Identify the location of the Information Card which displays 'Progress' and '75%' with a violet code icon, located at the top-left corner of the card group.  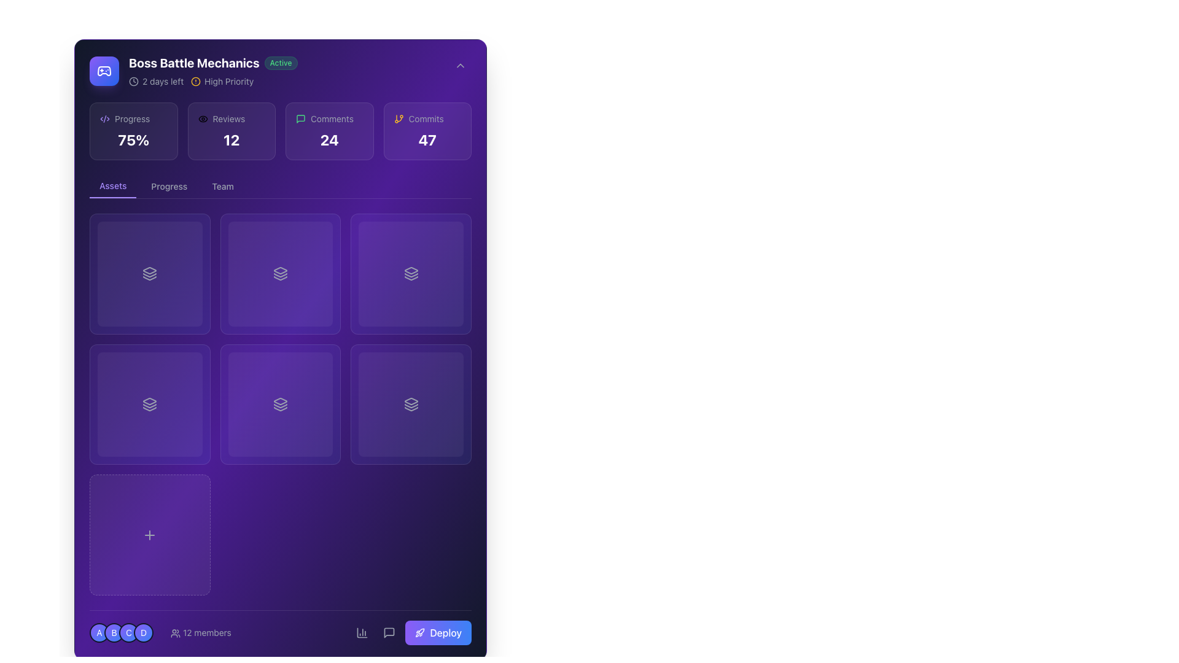
(133, 131).